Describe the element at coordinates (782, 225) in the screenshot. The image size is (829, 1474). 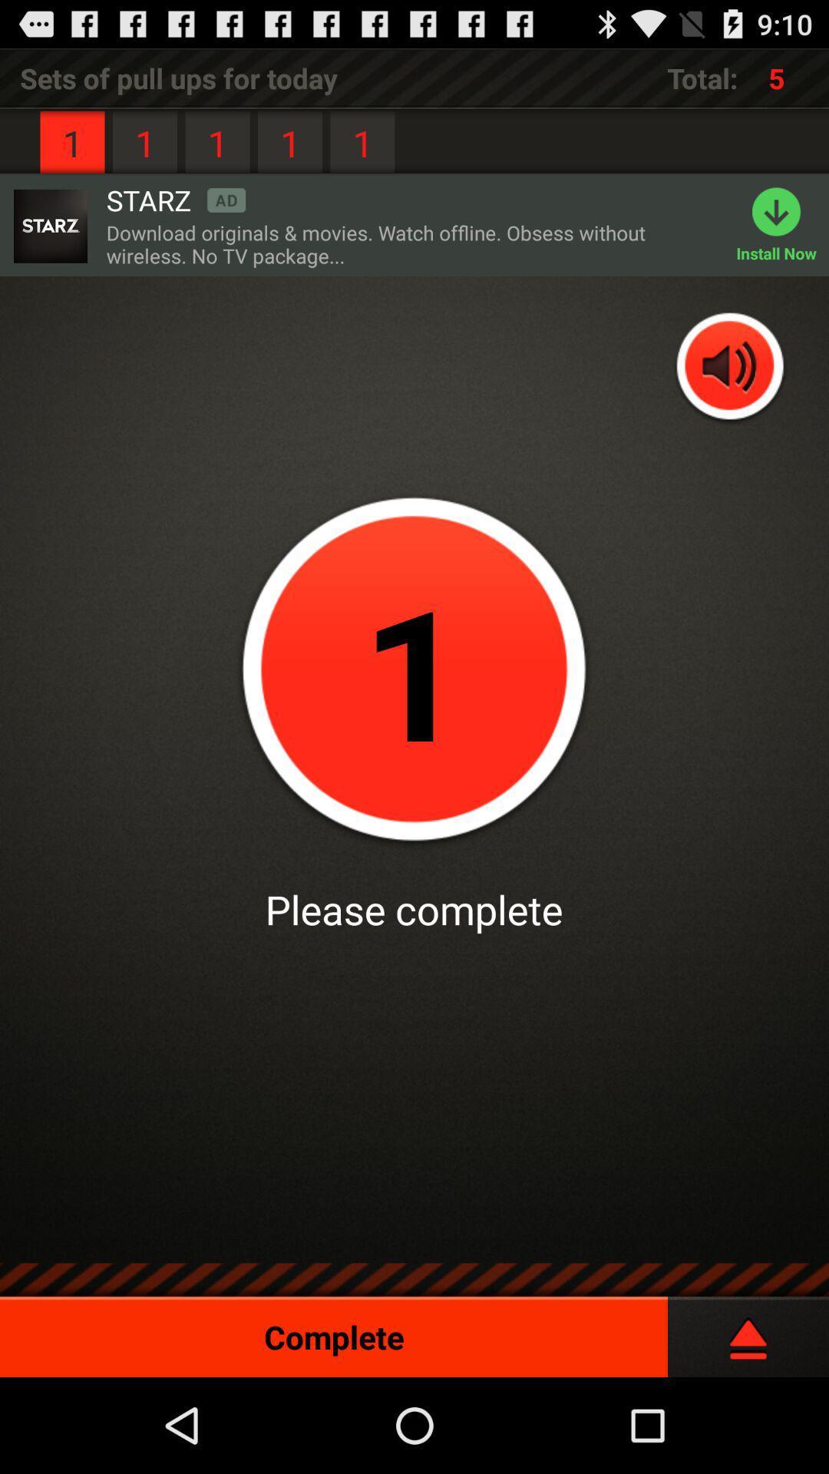
I see `the item to the right of download originals movies icon` at that location.